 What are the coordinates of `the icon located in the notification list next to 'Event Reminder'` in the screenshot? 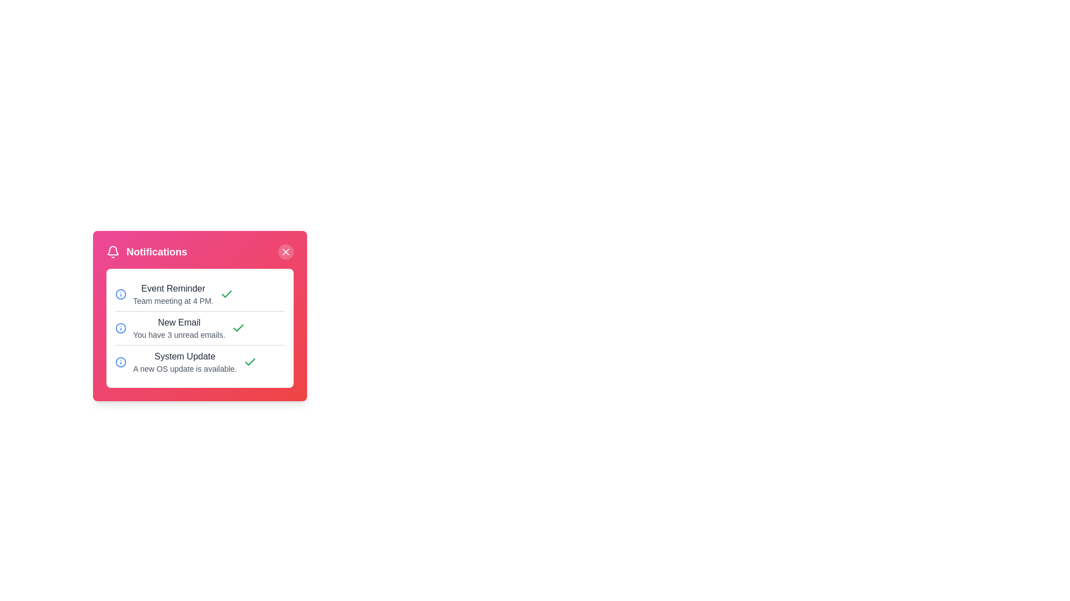 It's located at (120, 293).